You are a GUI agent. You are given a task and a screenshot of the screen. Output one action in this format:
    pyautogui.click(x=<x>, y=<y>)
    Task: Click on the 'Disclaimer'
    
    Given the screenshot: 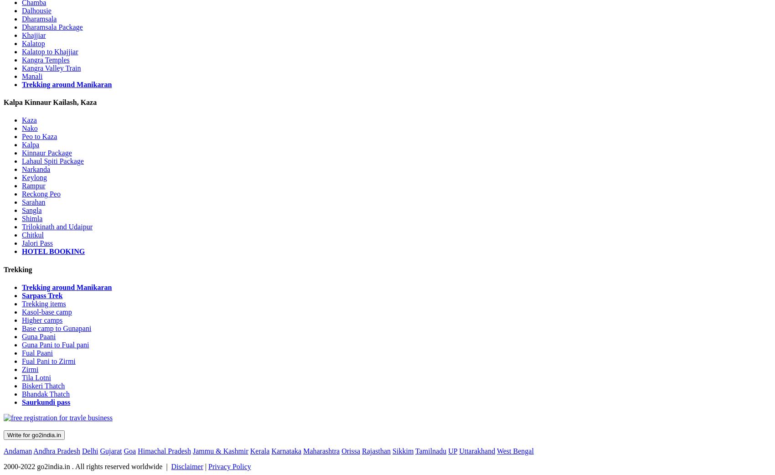 What is the action you would take?
    pyautogui.click(x=186, y=466)
    